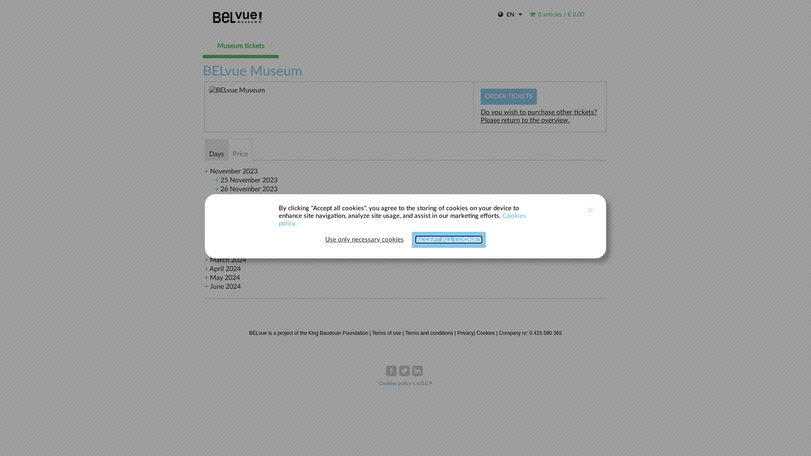  What do you see at coordinates (248, 198) in the screenshot?
I see `'27 November 2023'` at bounding box center [248, 198].